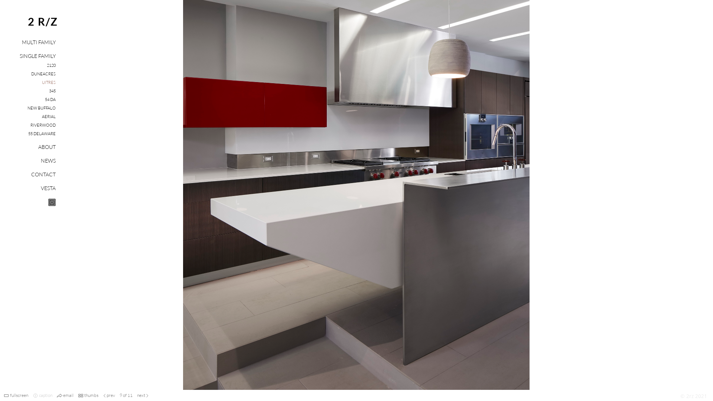 The image size is (713, 401). I want to click on 'VESTA', so click(48, 188).